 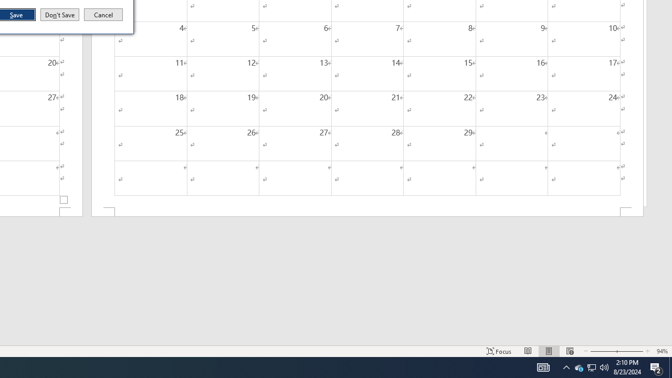 What do you see at coordinates (367, 212) in the screenshot?
I see `'Footer -Section 2-'` at bounding box center [367, 212].